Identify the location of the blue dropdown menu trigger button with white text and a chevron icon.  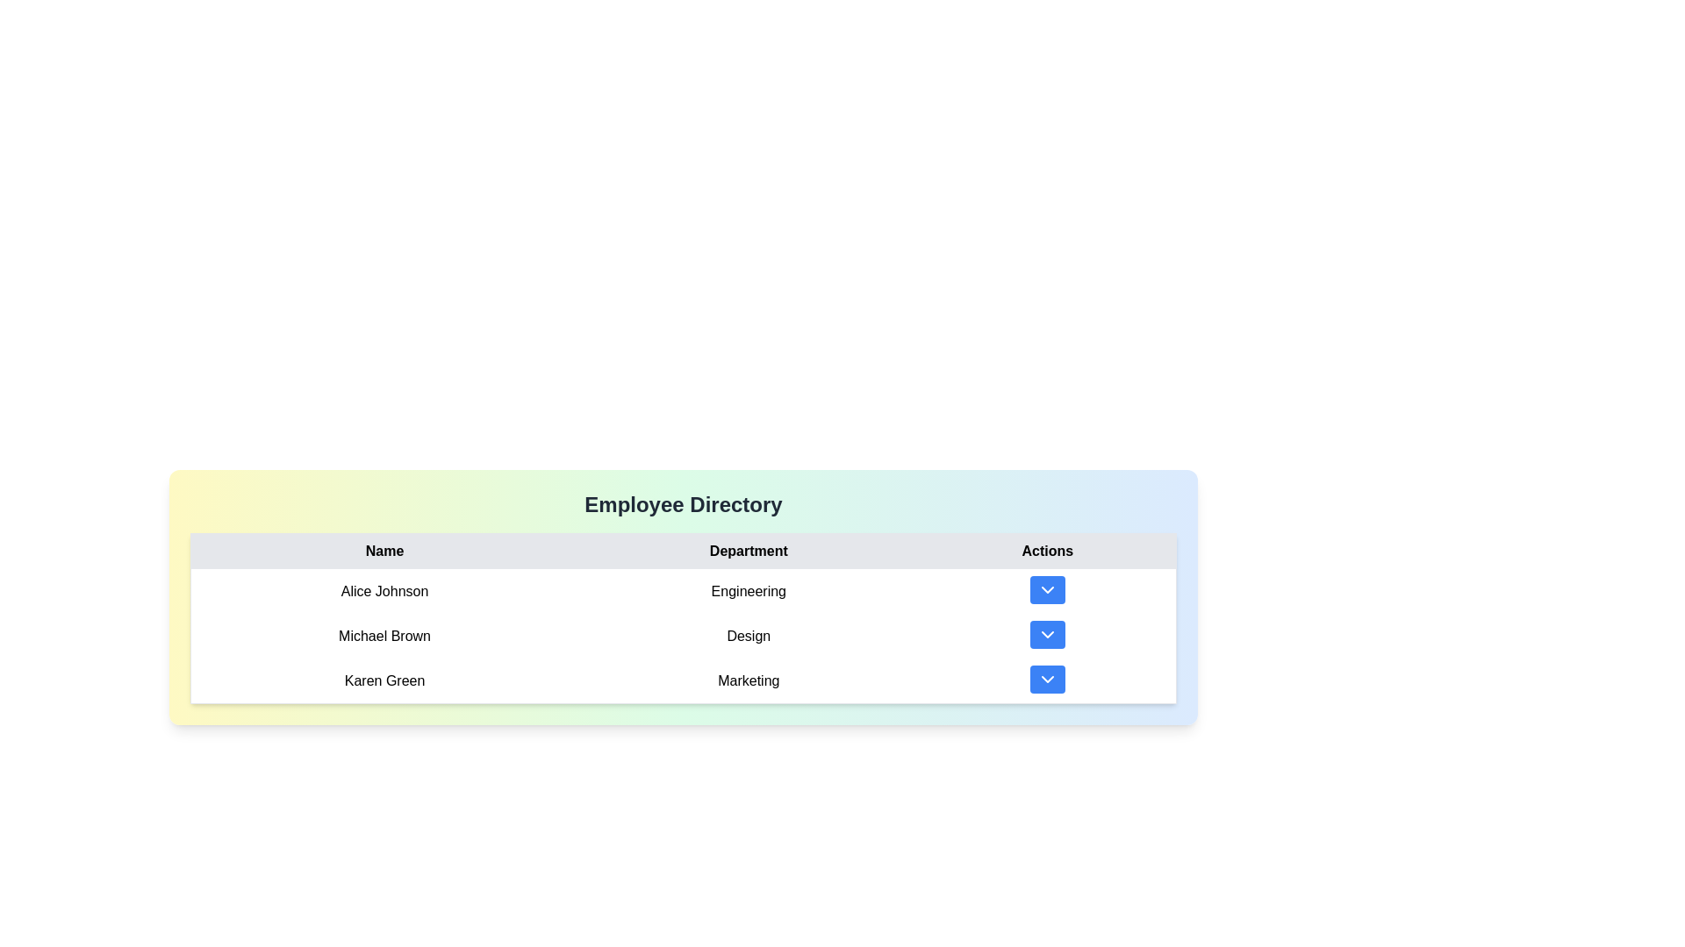
(1047, 635).